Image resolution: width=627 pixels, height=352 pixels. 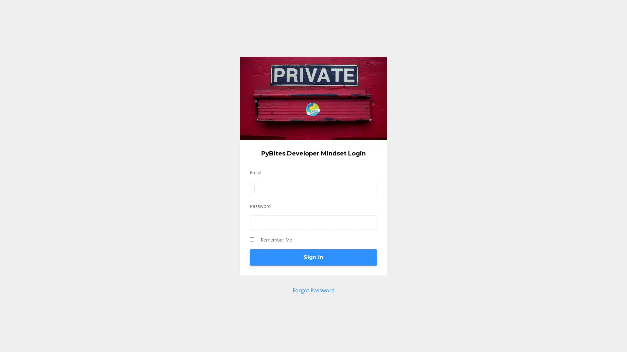 What do you see at coordinates (313, 257) in the screenshot?
I see `Sign In` at bounding box center [313, 257].